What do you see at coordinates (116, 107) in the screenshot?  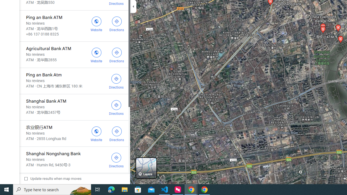 I see `'Get directions to Shanghai Bank ATM'` at bounding box center [116, 107].